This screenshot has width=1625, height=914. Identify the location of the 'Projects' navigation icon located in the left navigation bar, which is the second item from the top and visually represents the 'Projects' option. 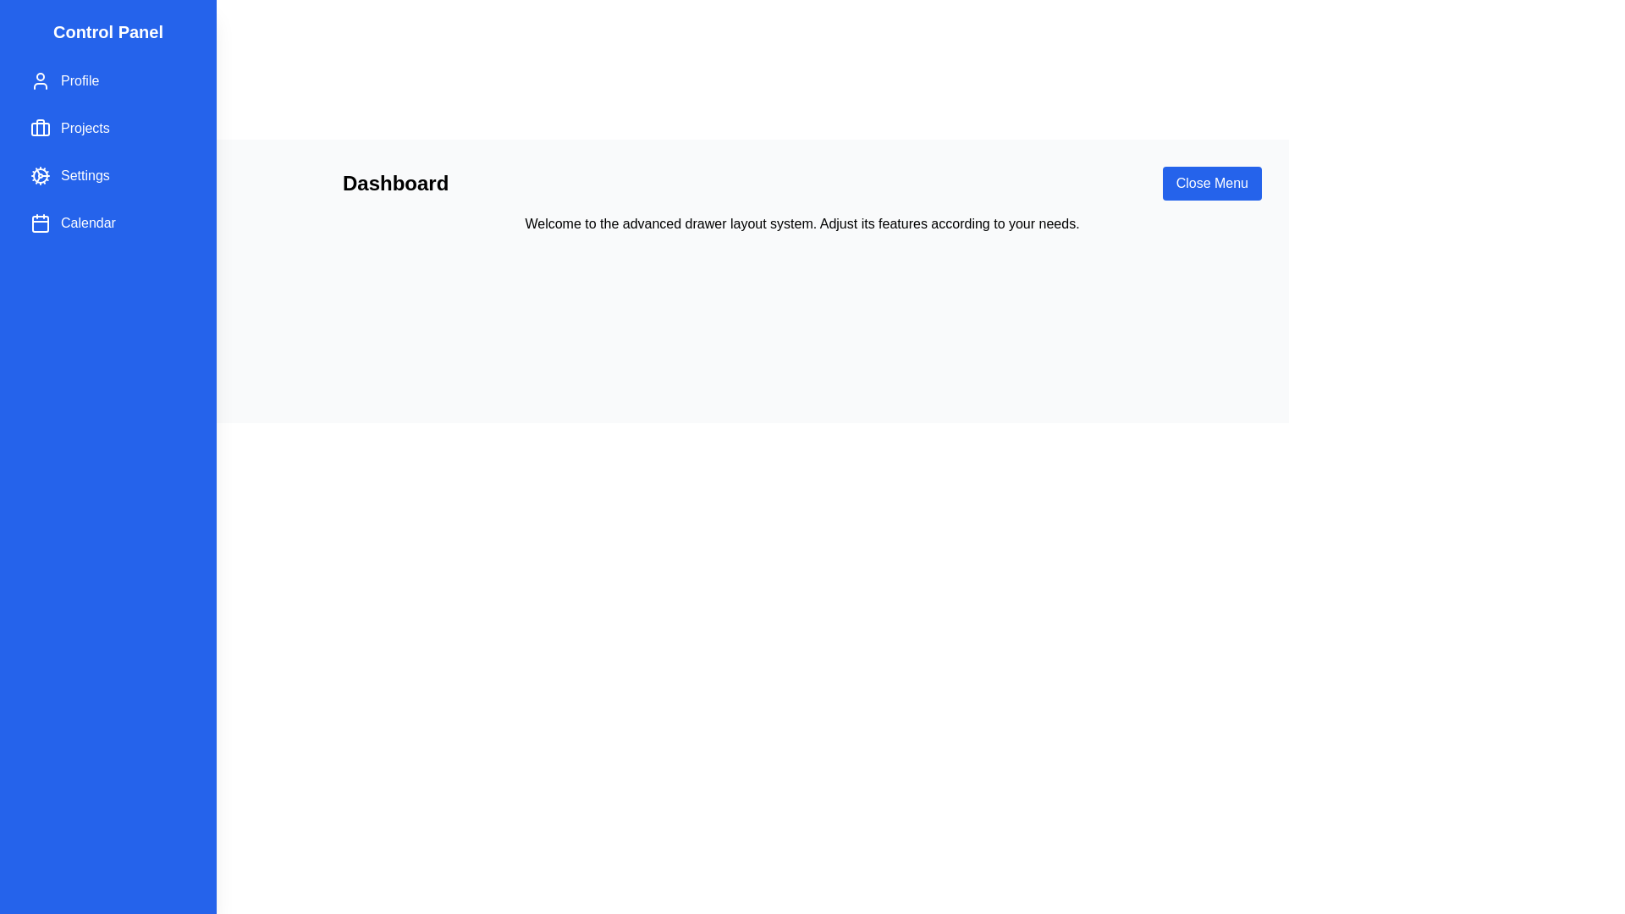
(41, 127).